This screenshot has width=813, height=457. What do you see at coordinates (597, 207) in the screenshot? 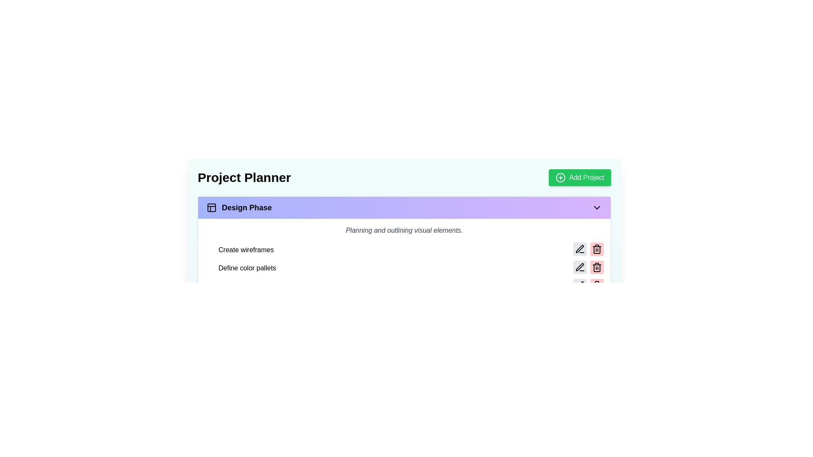
I see `the dropdown toggle icon located at the far right side of the header bar, next to the 'Design Phase' title` at bounding box center [597, 207].